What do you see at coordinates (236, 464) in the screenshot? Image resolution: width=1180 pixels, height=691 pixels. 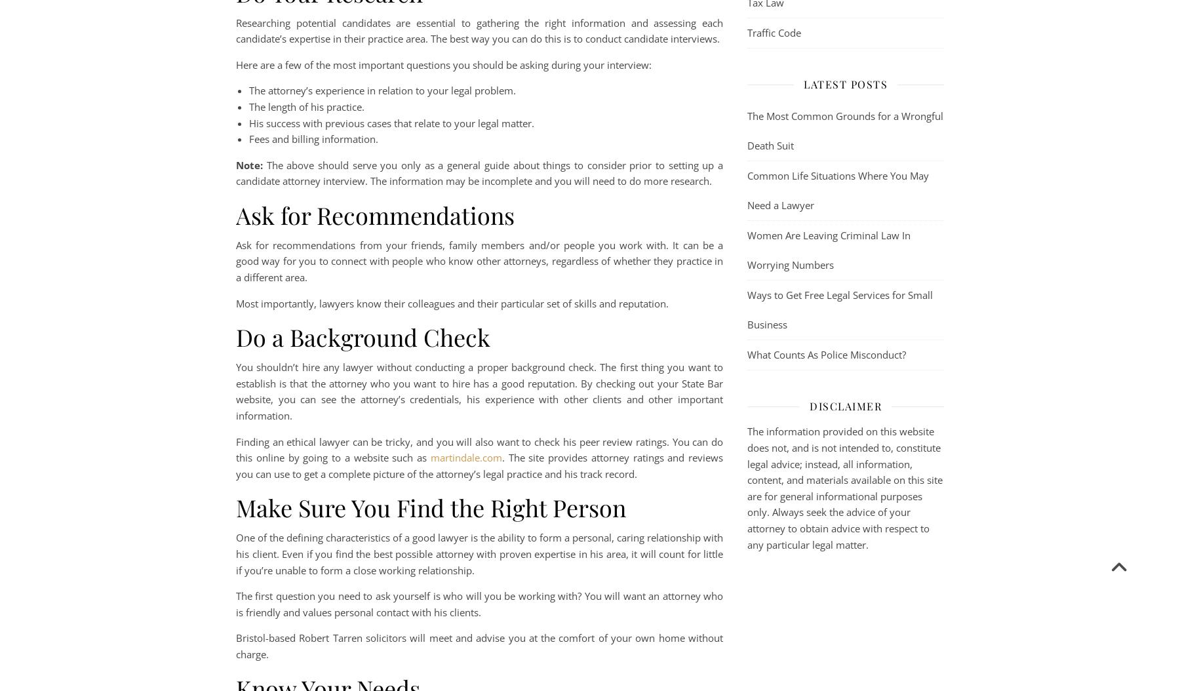 I see `'. The site provides attorney ratings and reviews you can use to get a complete picture of the attorney’s legal practice and his track record.'` at bounding box center [236, 464].